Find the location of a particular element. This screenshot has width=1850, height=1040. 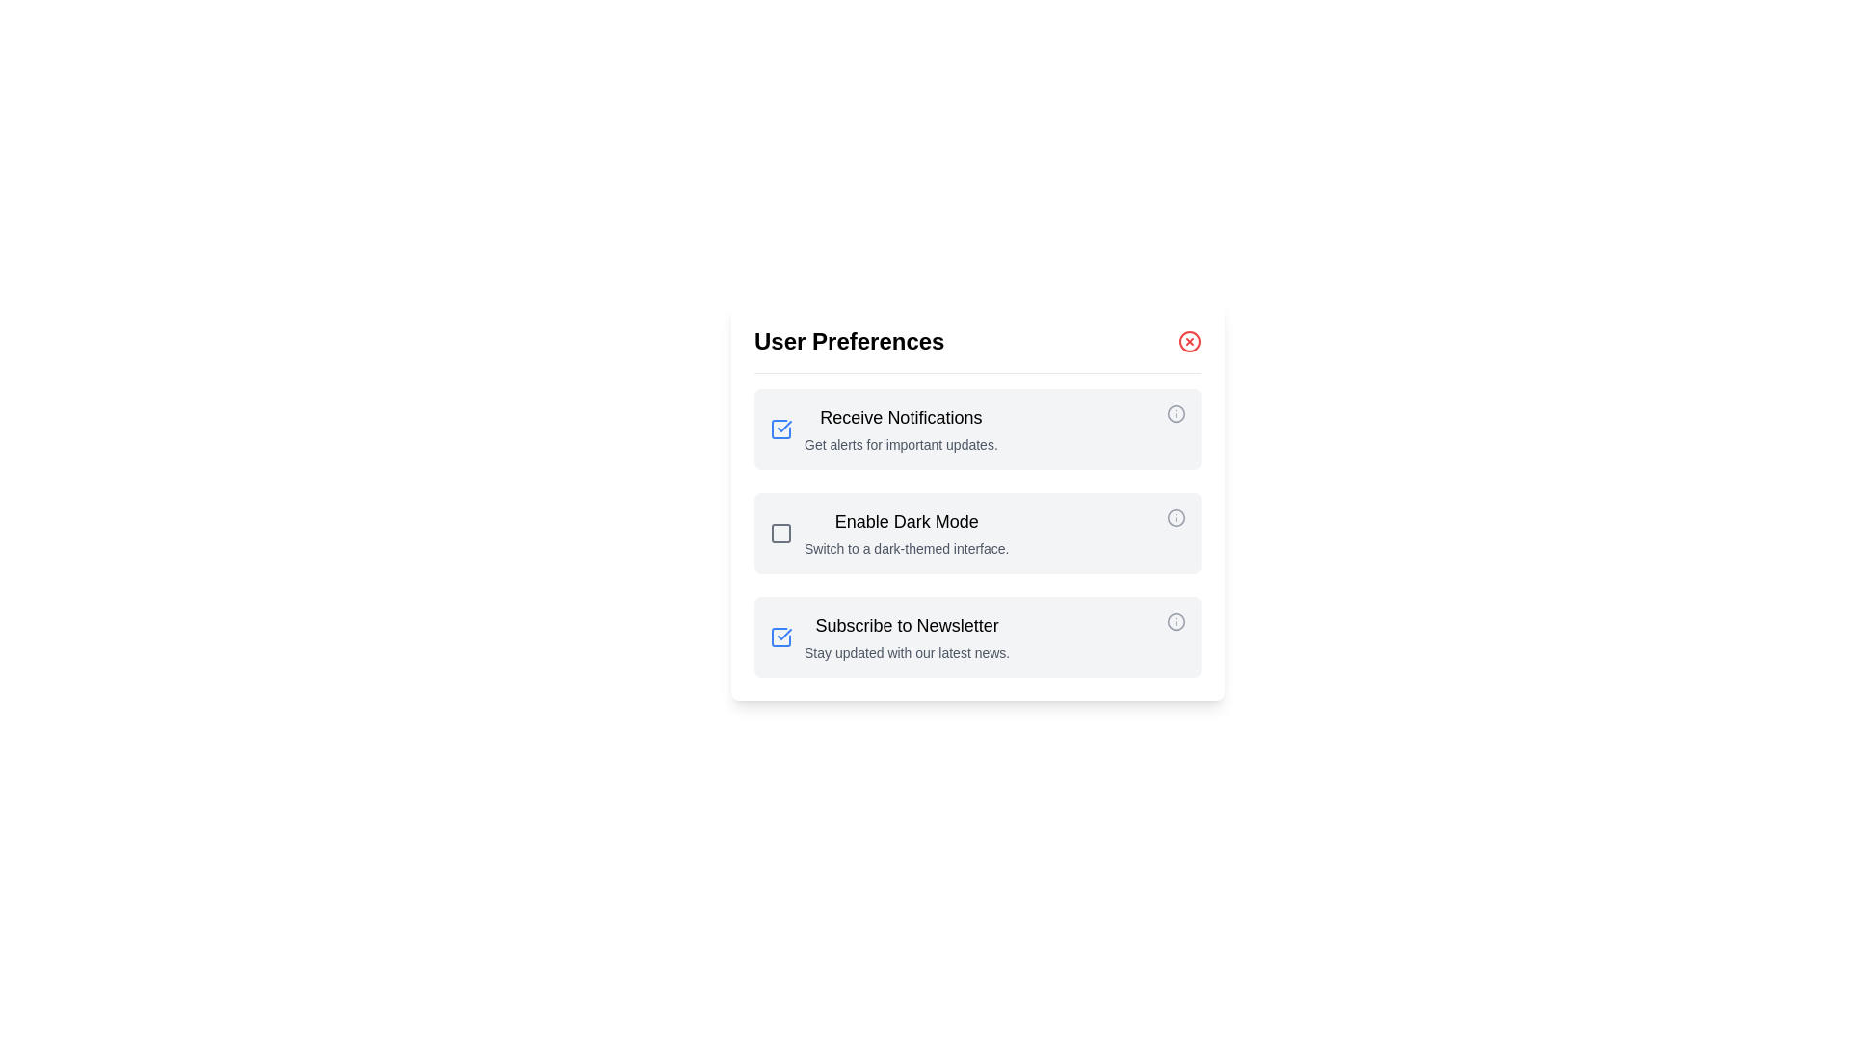

the text label that says 'Enable Dark Mode', which is styled in a larger bold font and positioned above a checkbox is located at coordinates (906, 522).